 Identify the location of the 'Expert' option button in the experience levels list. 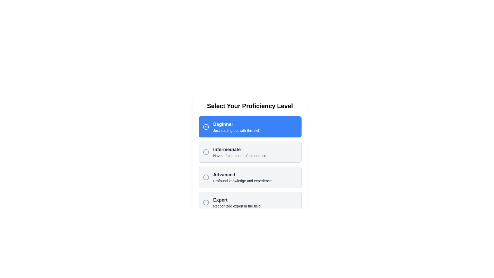
(250, 202).